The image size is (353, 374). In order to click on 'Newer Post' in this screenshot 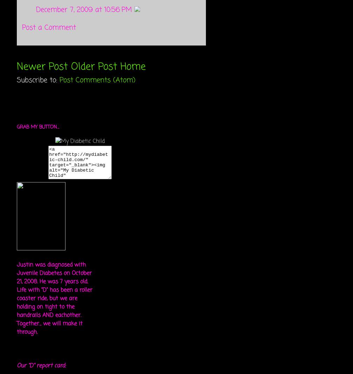, I will do `click(42, 67)`.